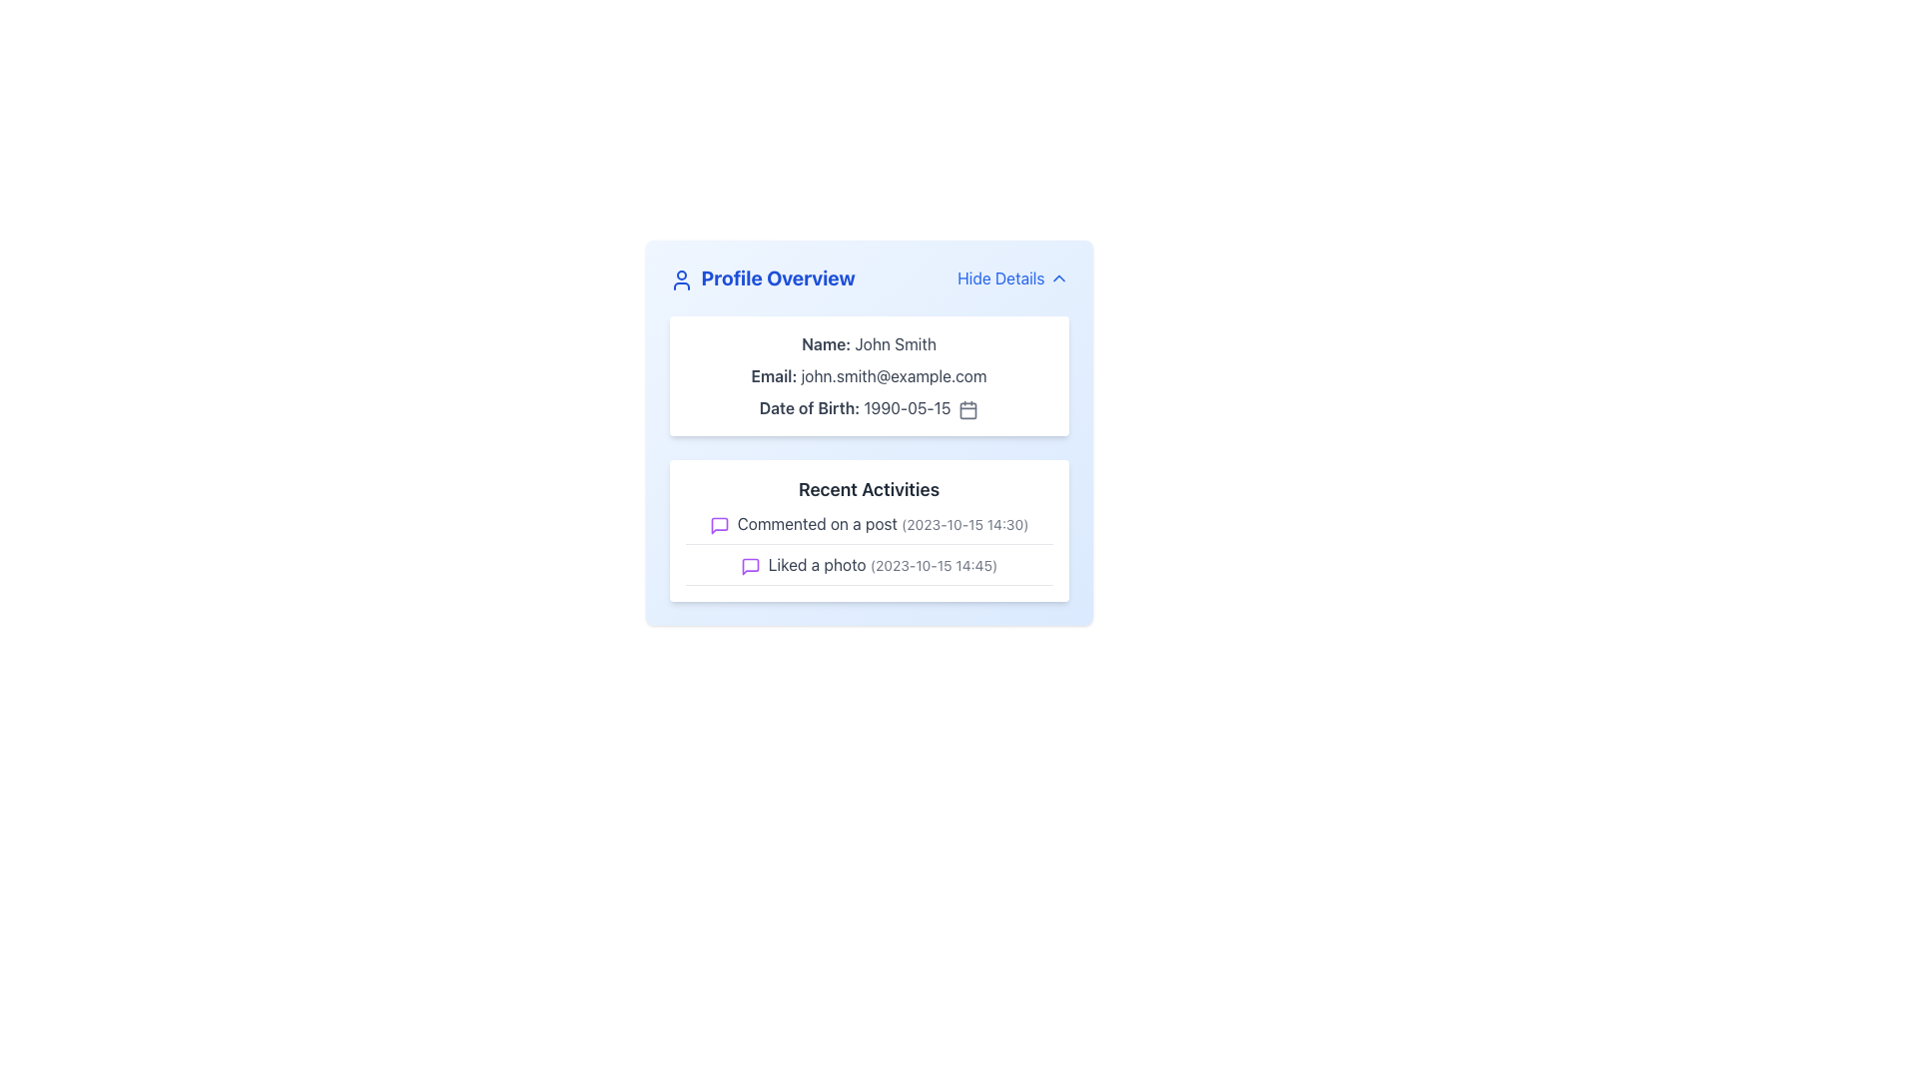 The image size is (1917, 1078). What do you see at coordinates (749, 566) in the screenshot?
I see `the first icon in the 'Recent Activities' section of the profile card, located to the left of the text 'Liked a photo (2023-10-15 14:45)'` at bounding box center [749, 566].